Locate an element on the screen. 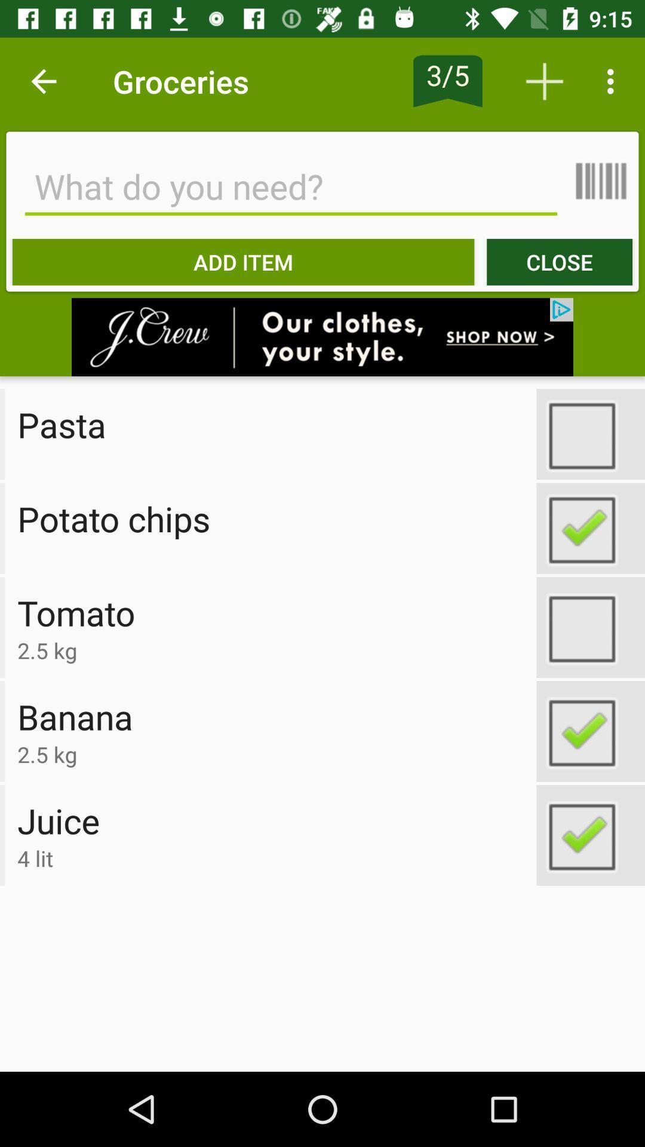 Image resolution: width=645 pixels, height=1147 pixels. tick option is located at coordinates (590, 627).